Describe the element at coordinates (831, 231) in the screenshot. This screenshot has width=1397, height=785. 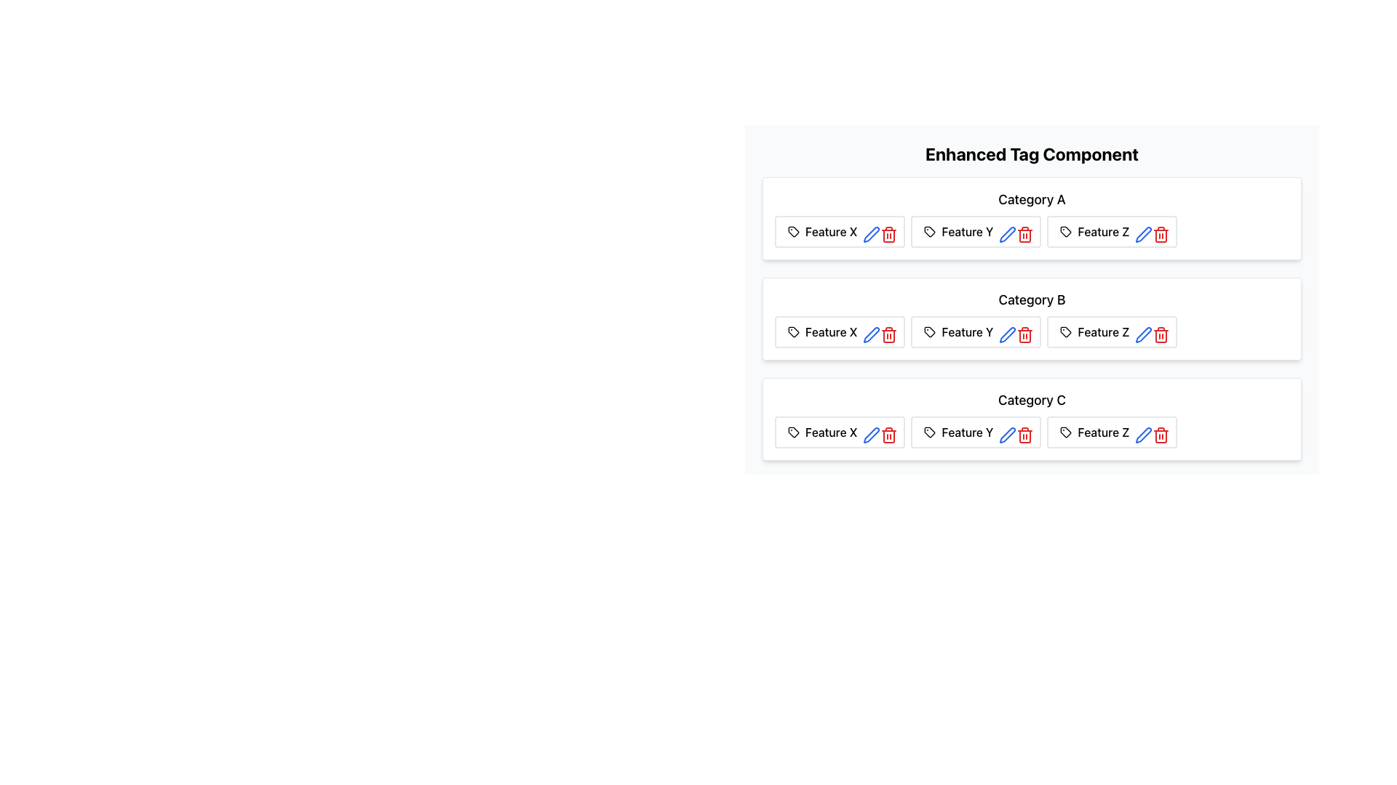
I see `the 'Feature X' label, which is styled in medium-weight font and located in a horizontal group of elements under 'Category A' in the 'Enhanced Tag Component' interface` at that location.